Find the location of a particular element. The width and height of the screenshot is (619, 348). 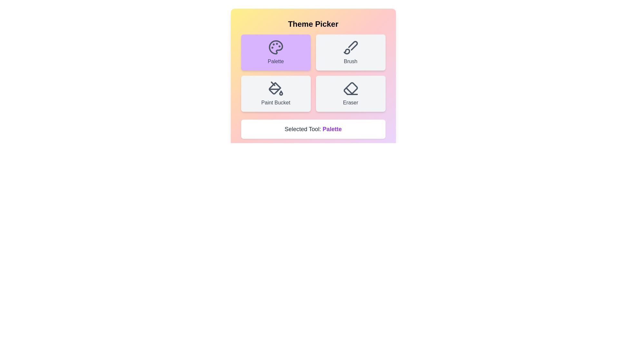

the tool button labeled Brush to observe visual feedback is located at coordinates (350, 52).